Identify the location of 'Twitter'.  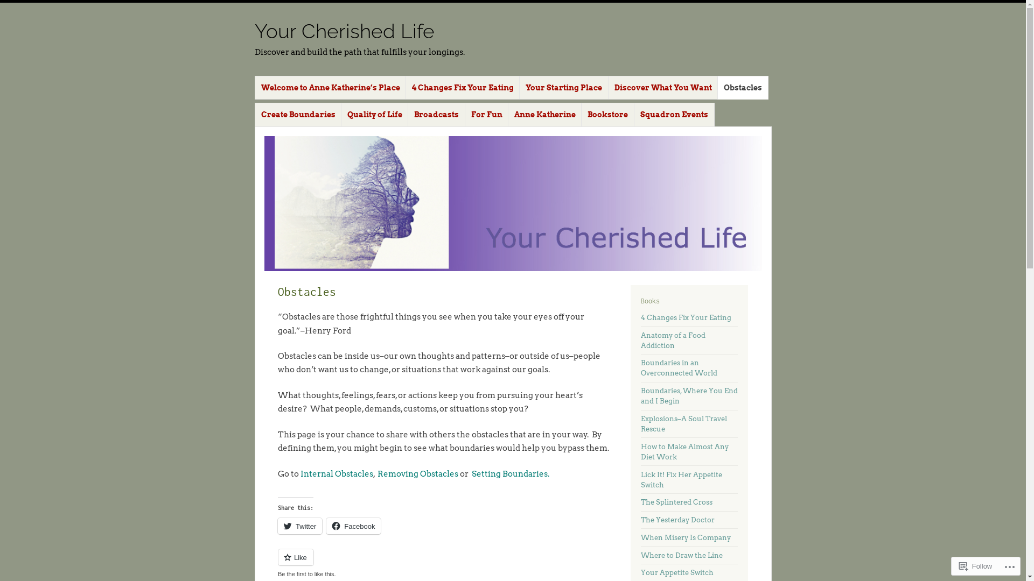
(299, 526).